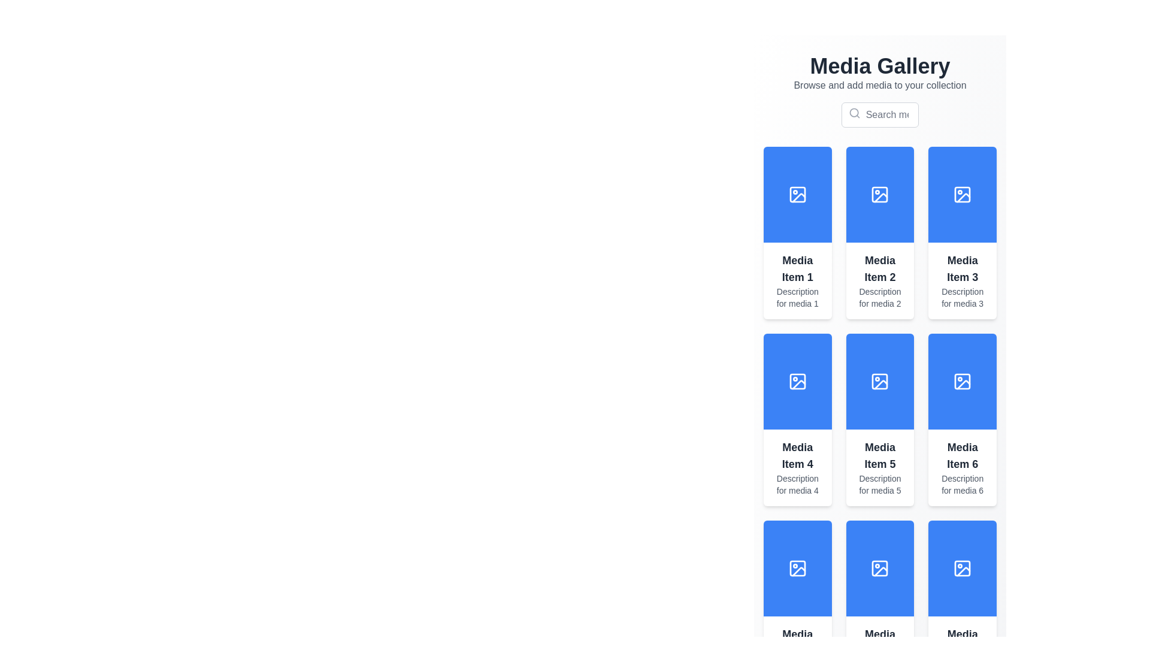  What do you see at coordinates (880, 381) in the screenshot?
I see `the image placeholder icon with a square outline and rounded corners, located within the 'Media Item 5' tile in the second row and second column of the grid under the 'Media Gallery' heading` at bounding box center [880, 381].